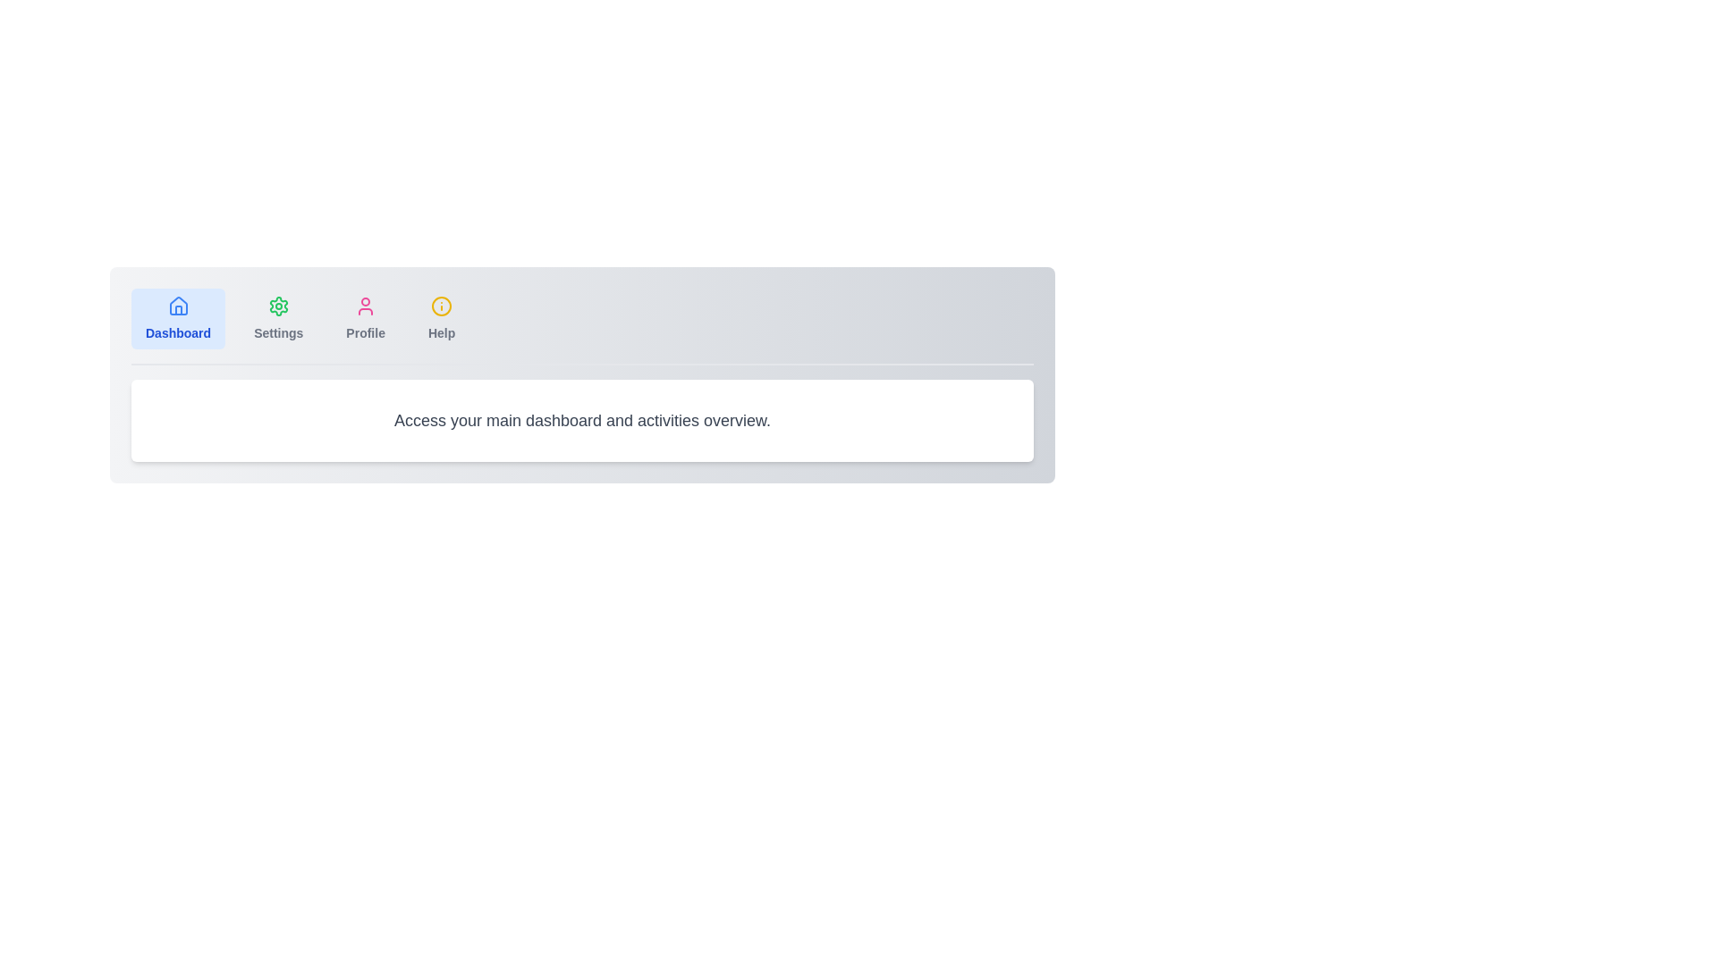  I want to click on the tab labeled Profile to inspect its tooltip or hover effect, so click(365, 318).